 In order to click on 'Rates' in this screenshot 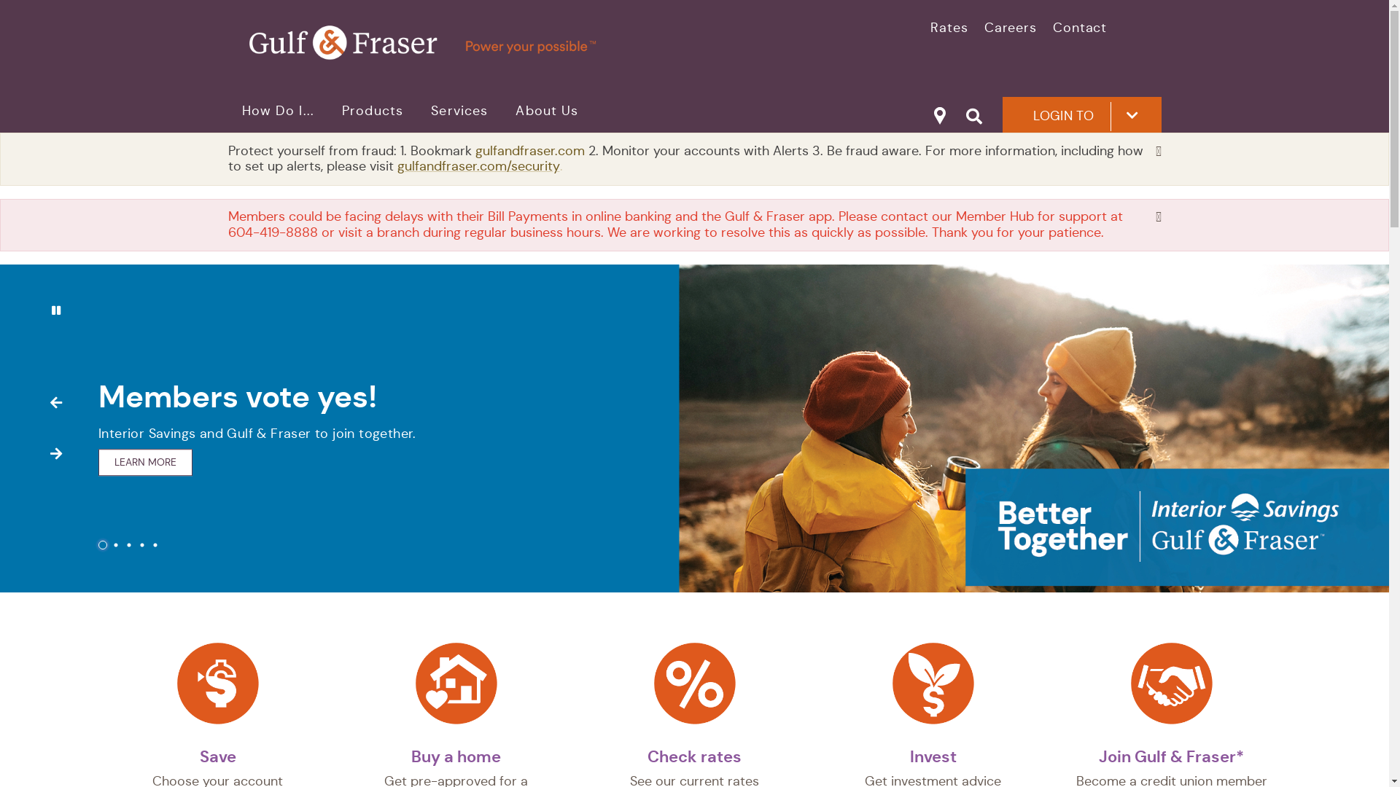, I will do `click(949, 28)`.